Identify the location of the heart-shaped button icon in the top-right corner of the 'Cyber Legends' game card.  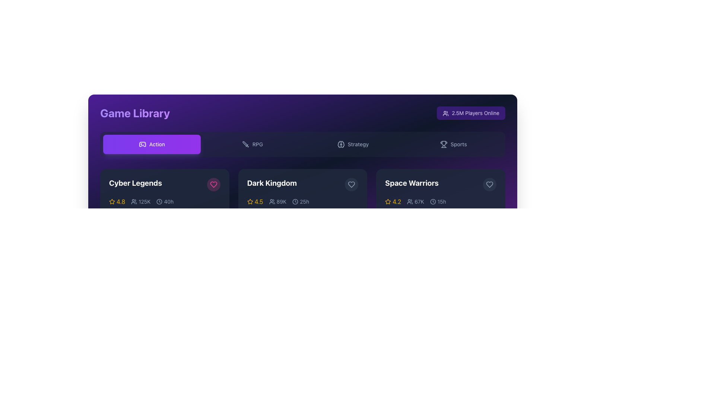
(213, 184).